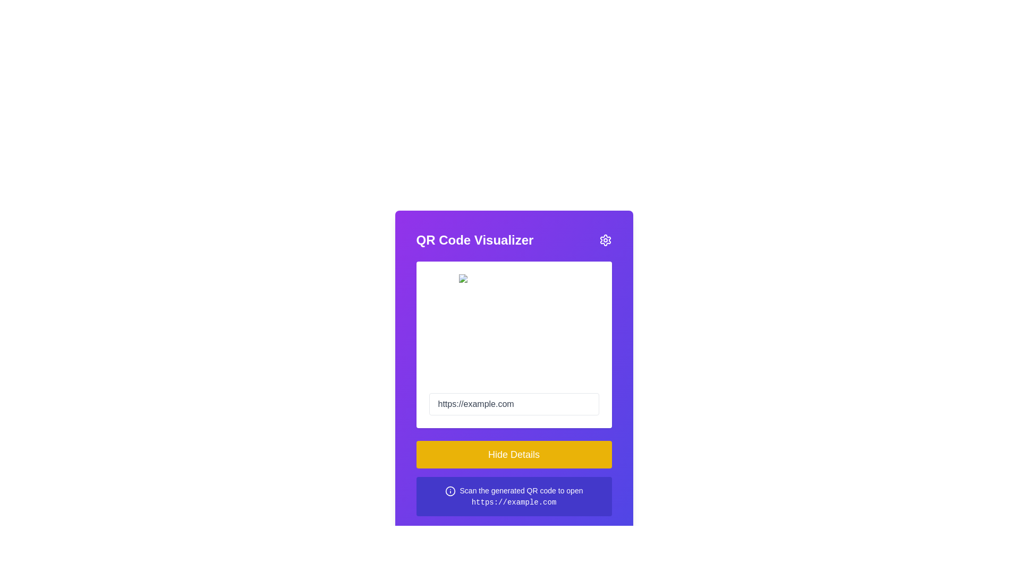 The image size is (1020, 573). I want to click on the static text link displaying 'https://example.com' located at the bottom of the purple panel for selection, so click(514, 502).